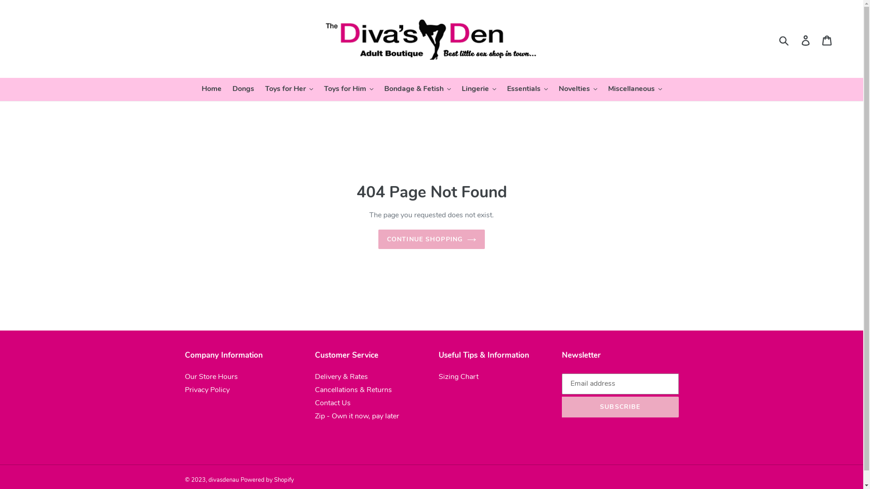 This screenshot has width=870, height=489. I want to click on 'Contact Us', so click(332, 403).